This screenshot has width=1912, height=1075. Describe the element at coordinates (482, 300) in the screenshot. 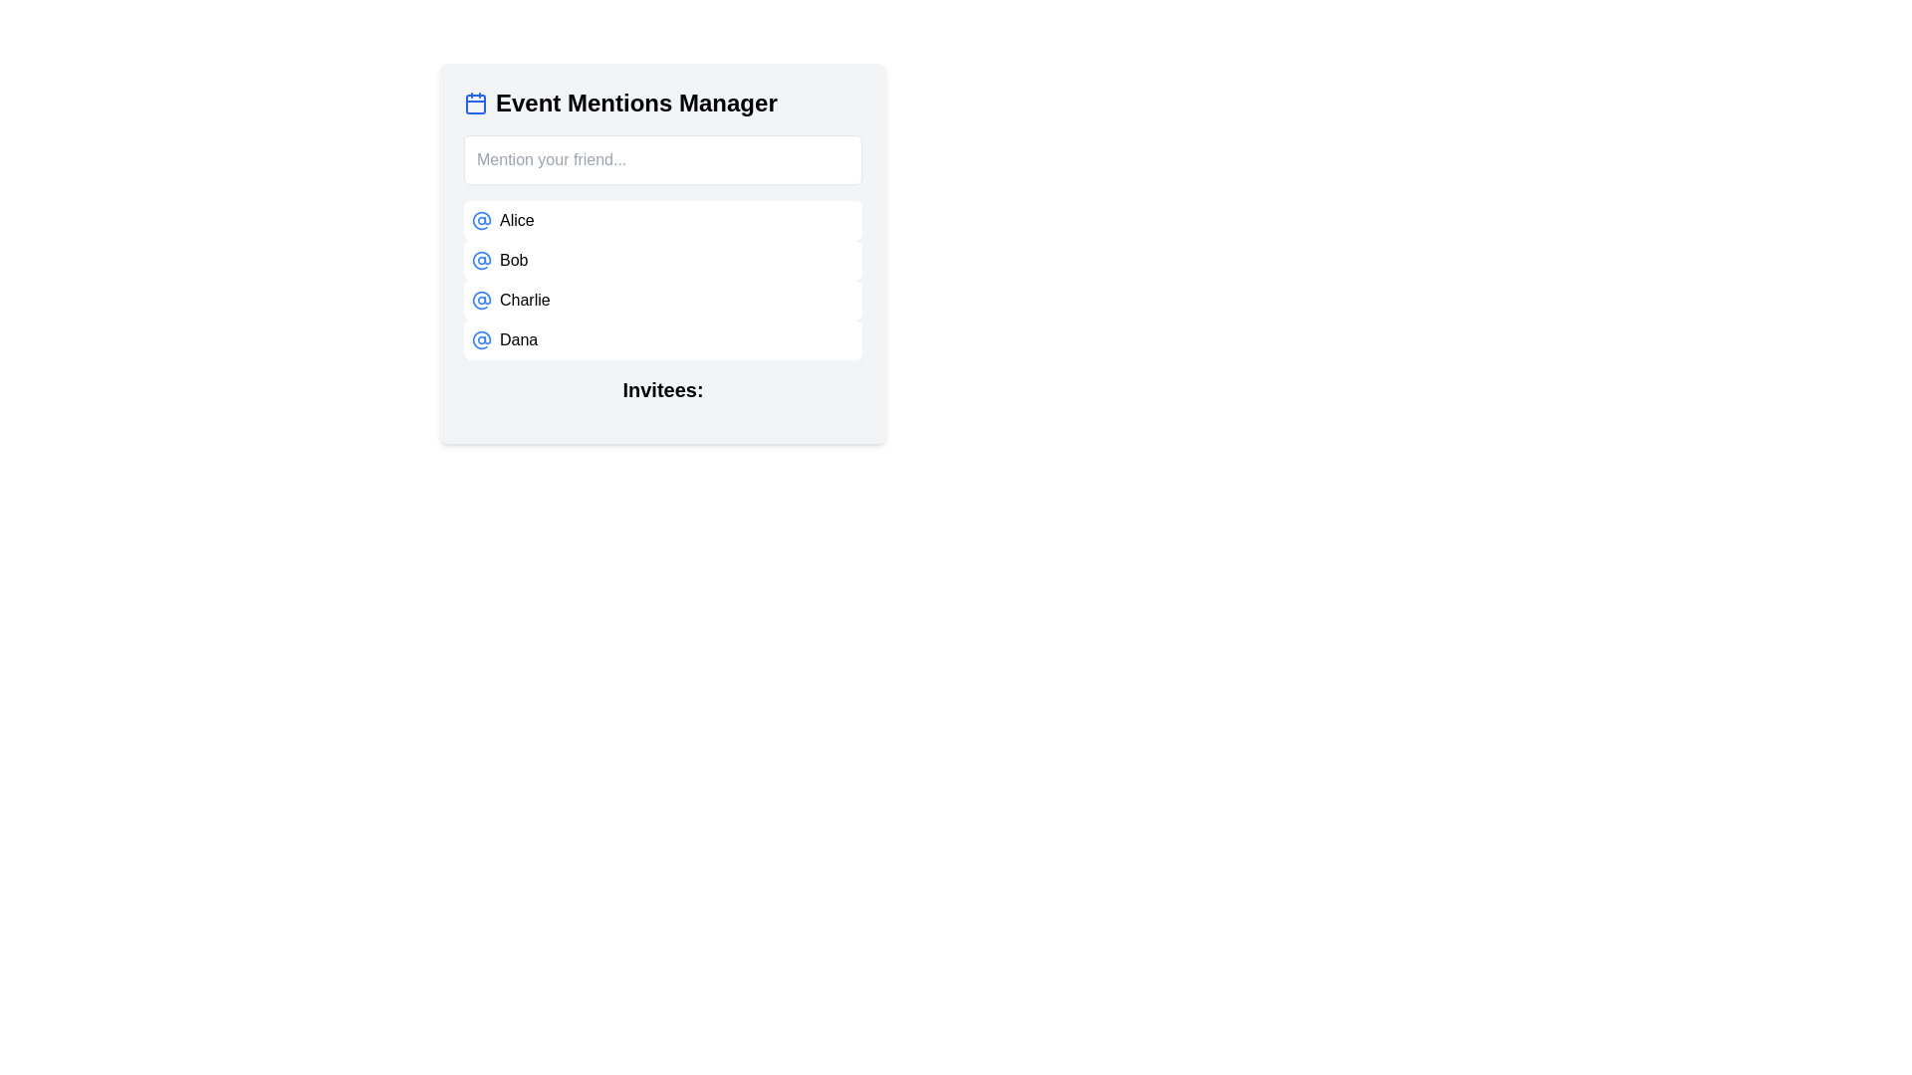

I see `the third '@' icon in the vertical list next to 'Charlie' in the invitee list` at that location.